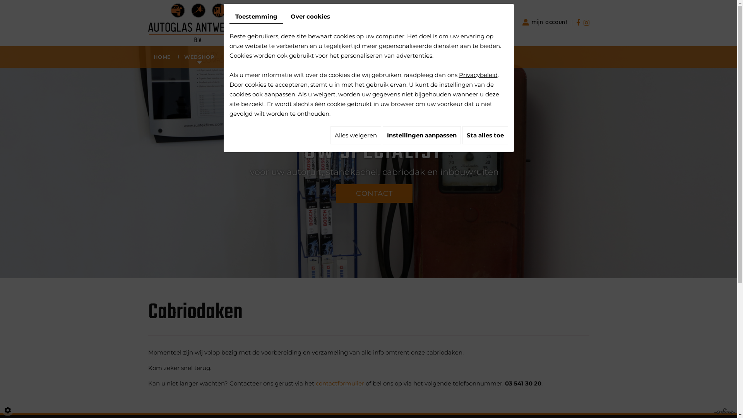 This screenshot has width=743, height=418. I want to click on 'Sta alles toe', so click(484, 135).